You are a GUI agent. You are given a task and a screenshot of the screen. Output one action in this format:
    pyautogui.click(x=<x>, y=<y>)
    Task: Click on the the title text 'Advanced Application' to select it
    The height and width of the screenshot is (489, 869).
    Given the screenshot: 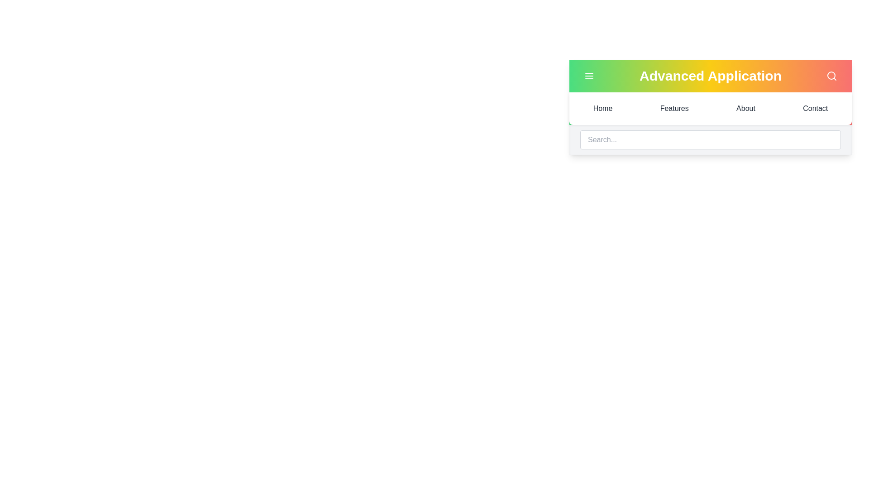 What is the action you would take?
    pyautogui.click(x=710, y=76)
    